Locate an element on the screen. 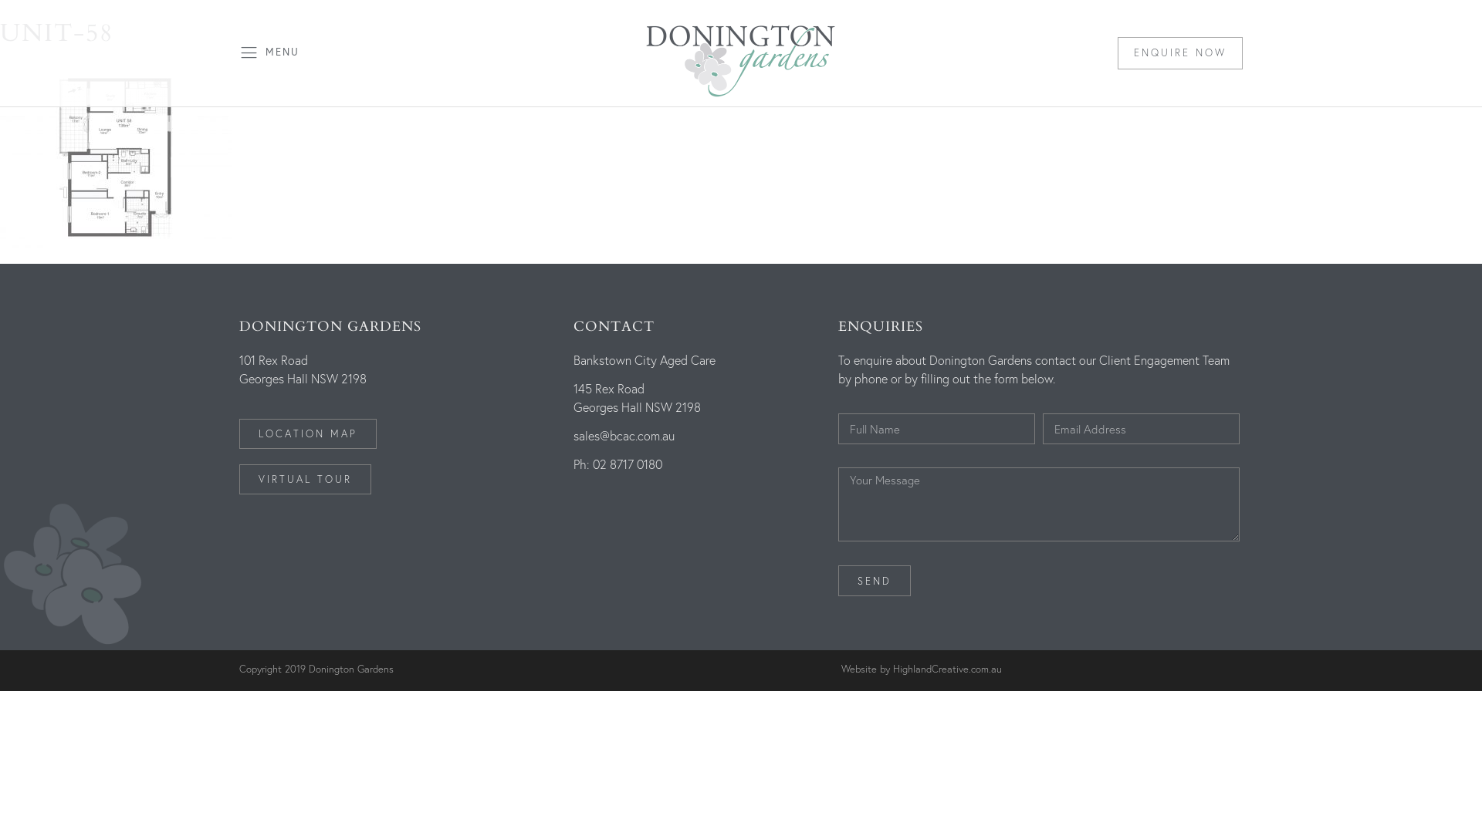 Image resolution: width=1482 pixels, height=833 pixels. 'MENU' is located at coordinates (282, 51).